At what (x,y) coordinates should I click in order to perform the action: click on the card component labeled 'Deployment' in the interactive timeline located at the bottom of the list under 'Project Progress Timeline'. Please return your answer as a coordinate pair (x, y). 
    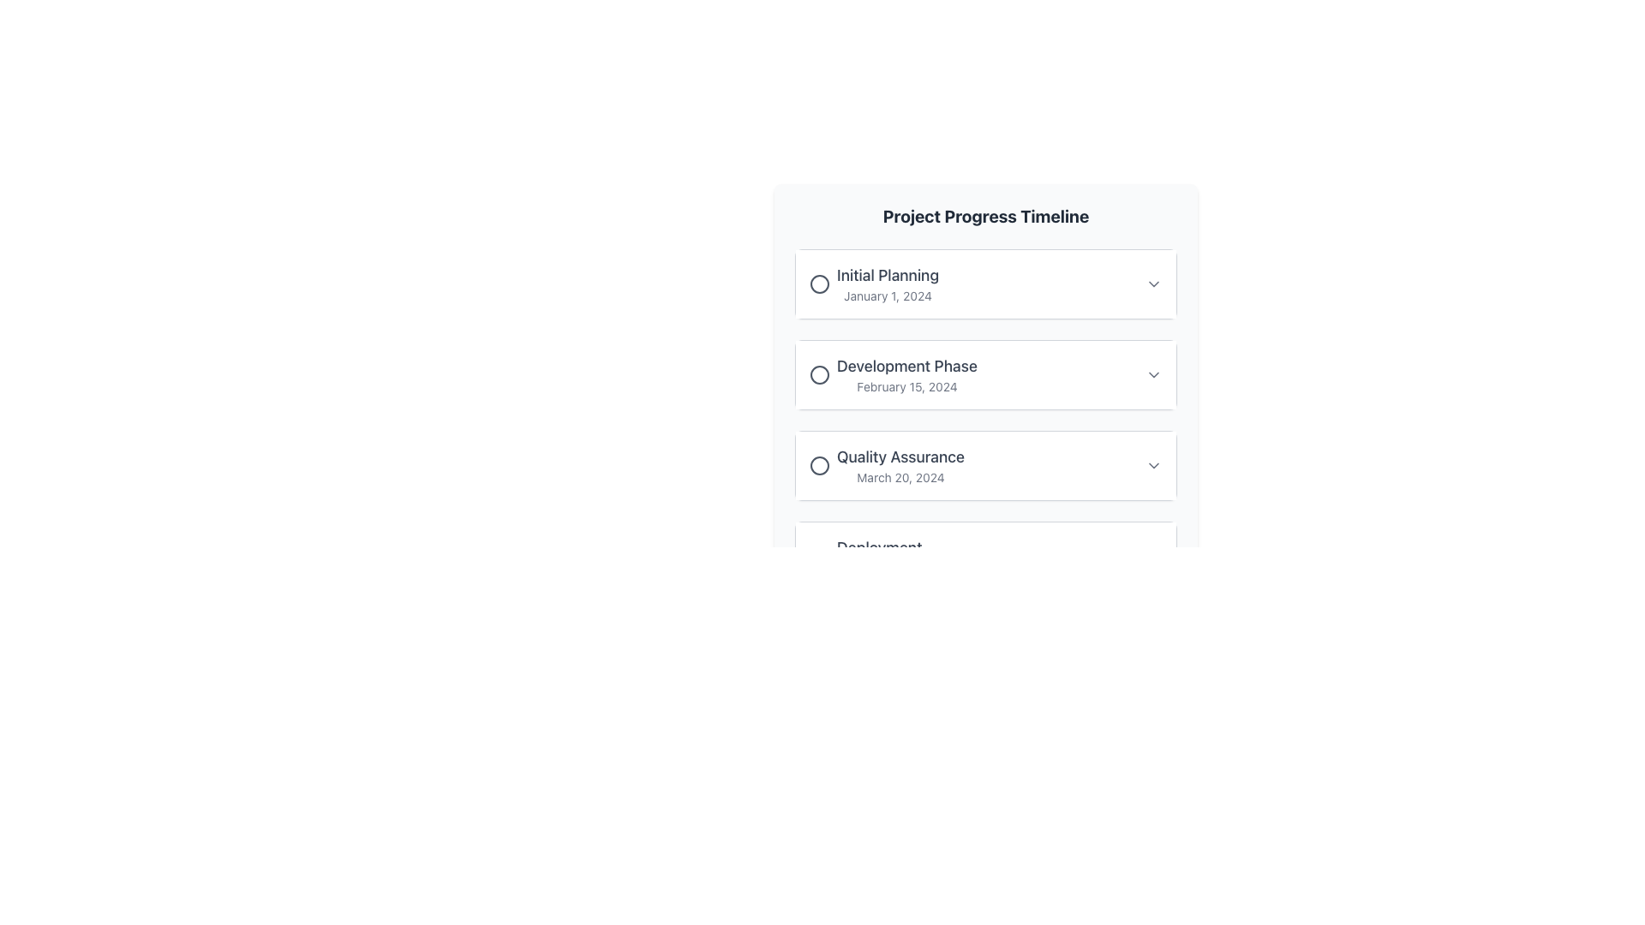
    Looking at the image, I should click on (986, 557).